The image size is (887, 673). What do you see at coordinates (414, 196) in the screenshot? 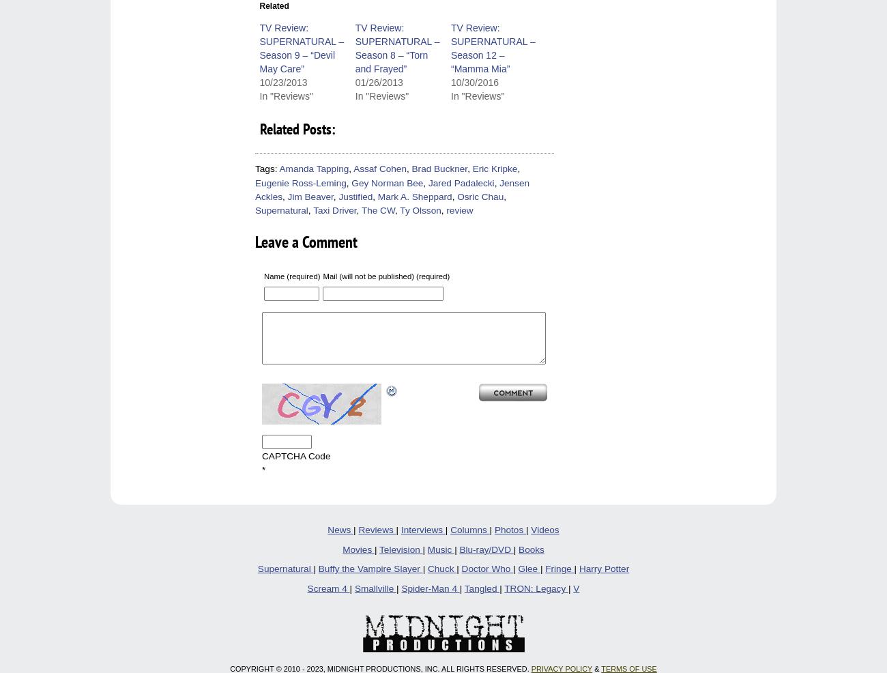
I see `'Mark A. Sheppard'` at bounding box center [414, 196].